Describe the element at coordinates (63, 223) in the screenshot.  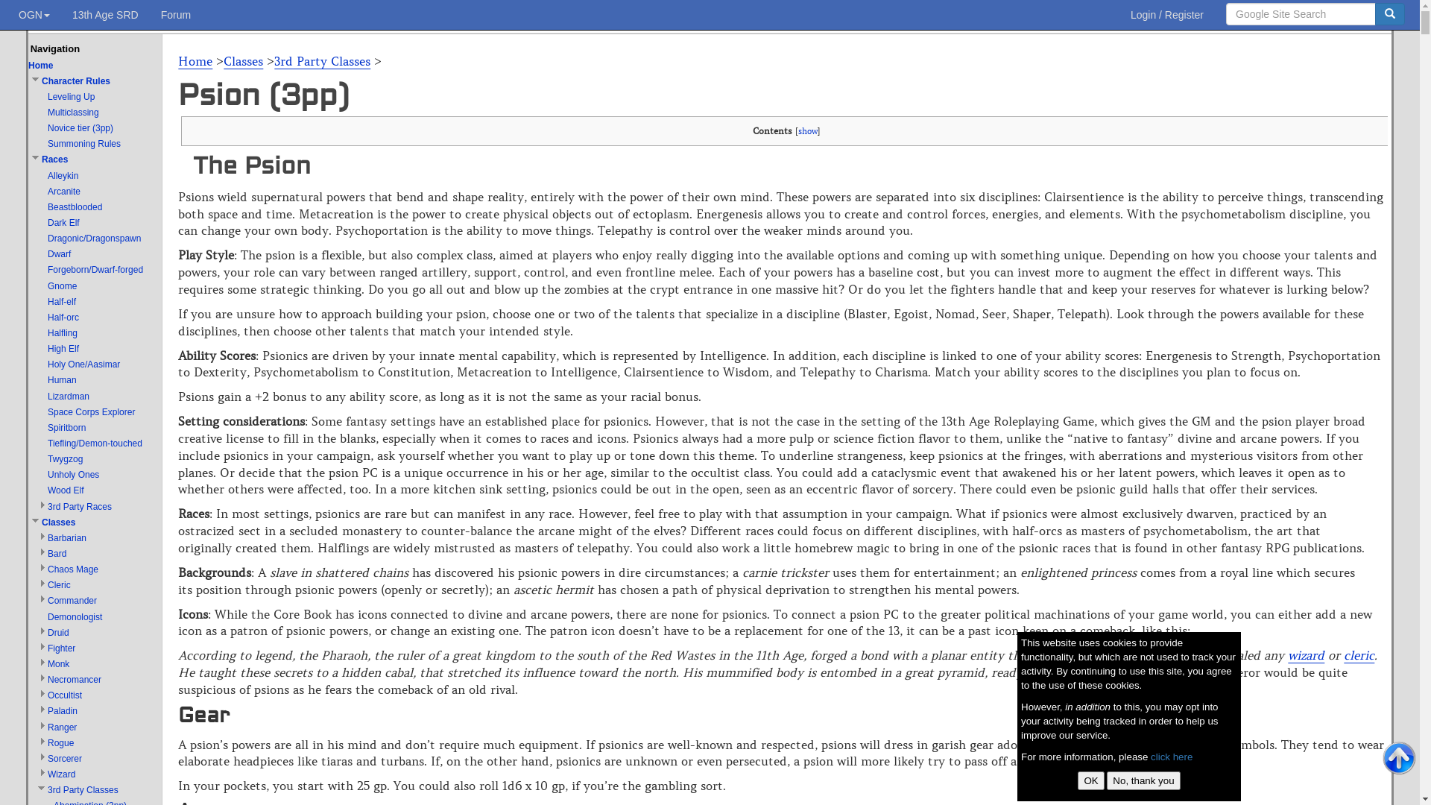
I see `'Dark Elf'` at that location.